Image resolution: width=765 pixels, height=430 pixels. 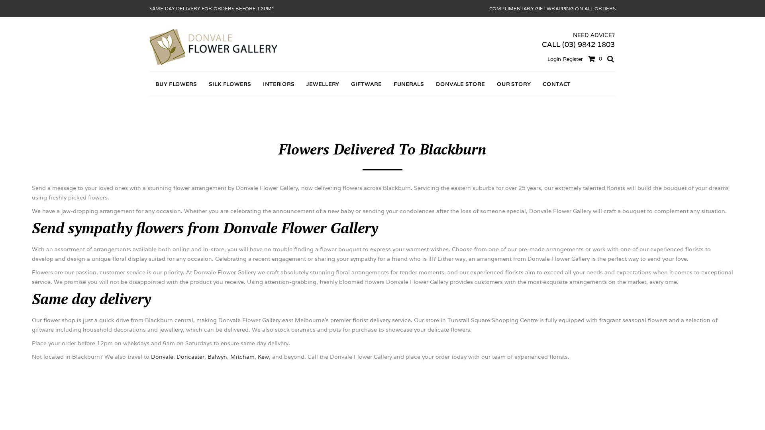 I want to click on 'Doncaster', so click(x=190, y=356).